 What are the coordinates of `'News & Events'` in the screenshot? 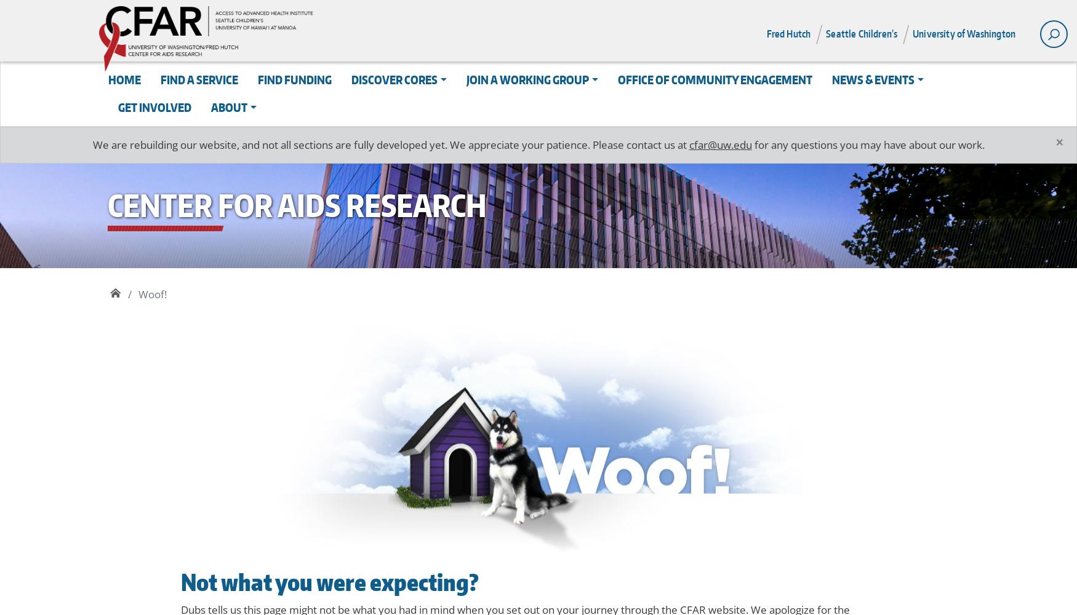 It's located at (872, 79).